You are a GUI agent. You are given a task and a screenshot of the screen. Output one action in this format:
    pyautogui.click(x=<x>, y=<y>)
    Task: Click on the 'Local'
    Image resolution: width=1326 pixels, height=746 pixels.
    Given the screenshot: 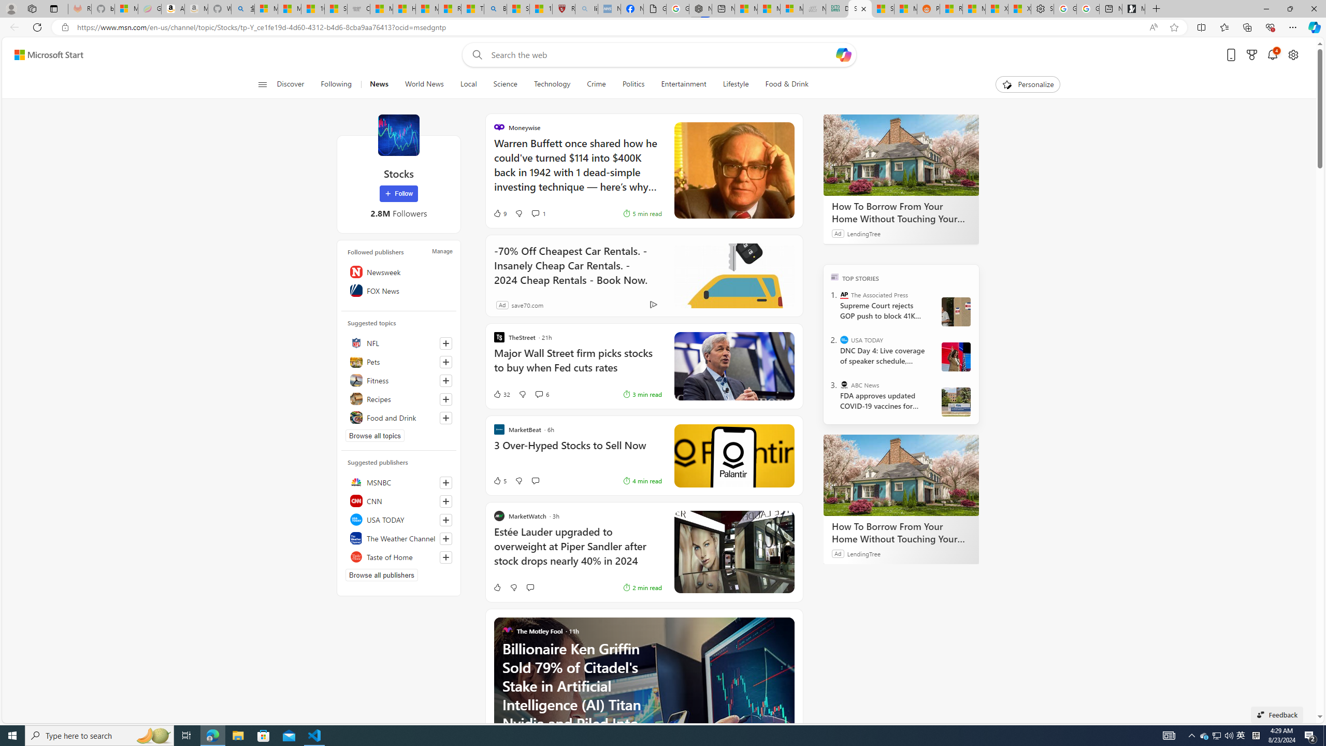 What is the action you would take?
    pyautogui.click(x=468, y=84)
    